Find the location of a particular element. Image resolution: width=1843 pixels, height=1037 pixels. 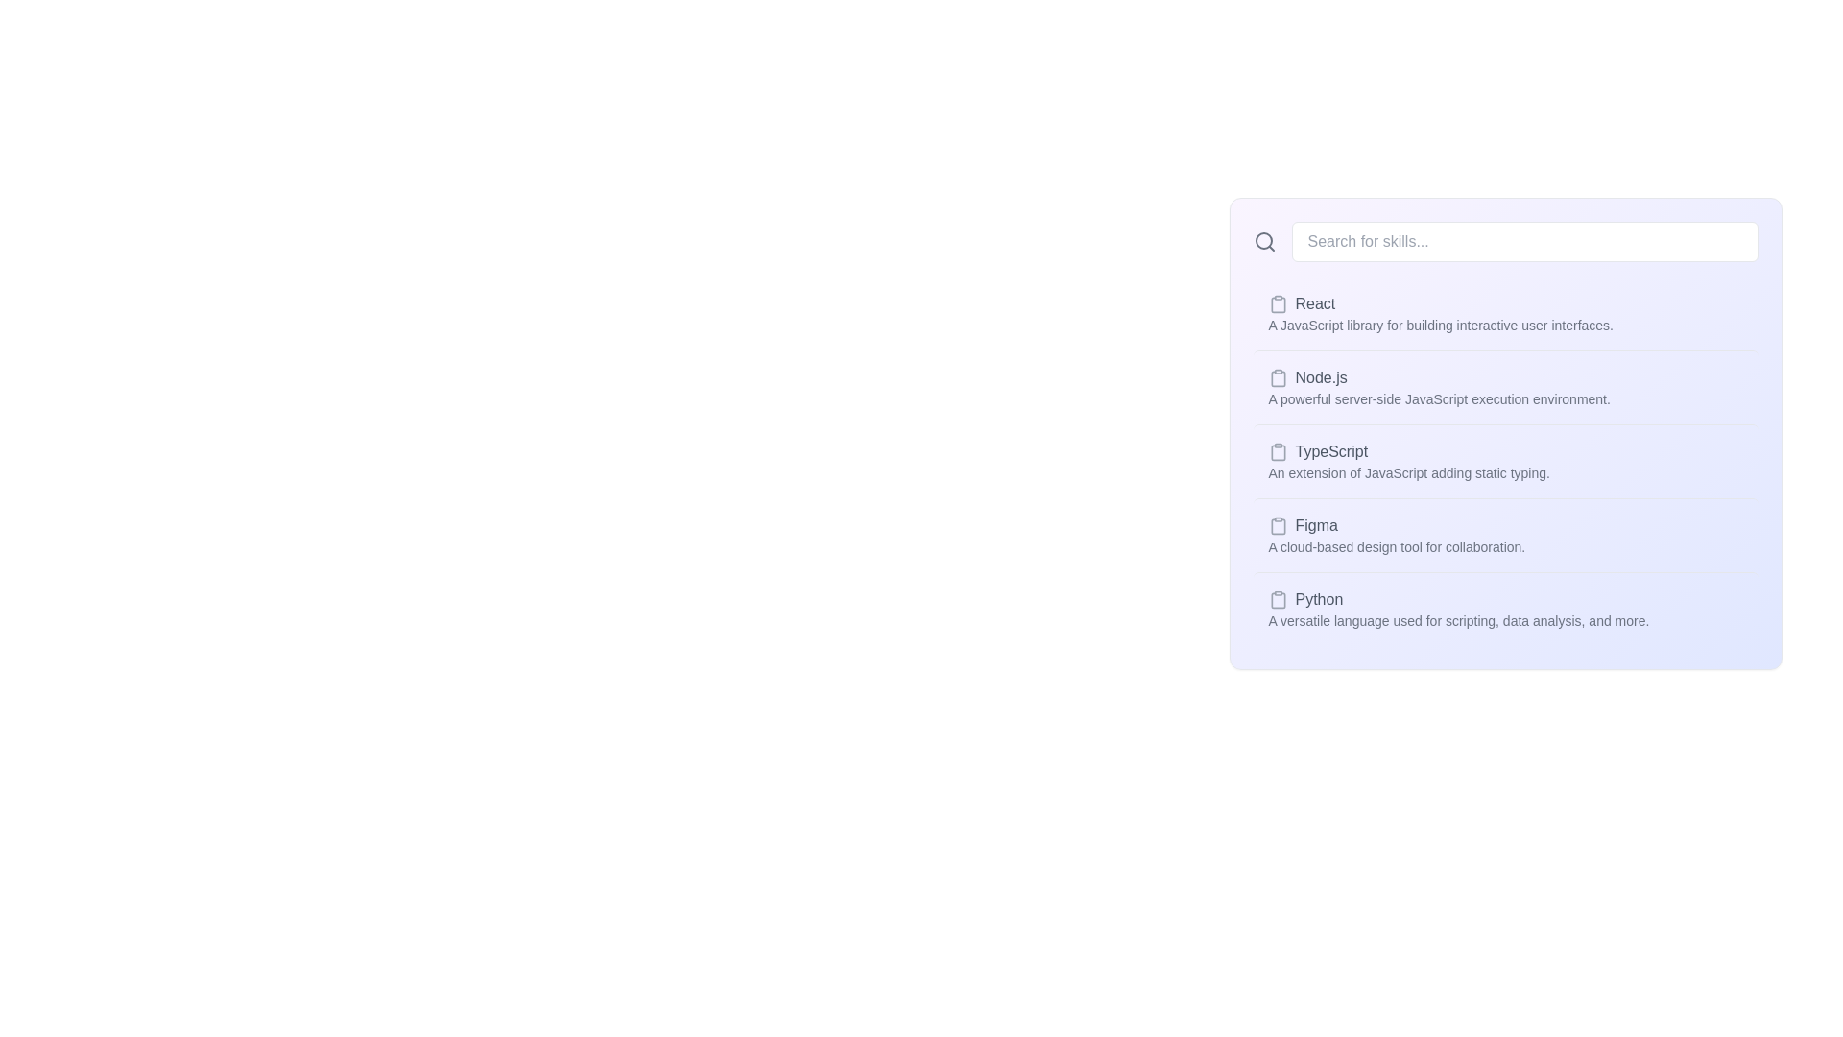

the circular magnifying glass icon located at the far left of the search input field layout, which features a clean, minimalist design in grayscale is located at coordinates (1264, 240).